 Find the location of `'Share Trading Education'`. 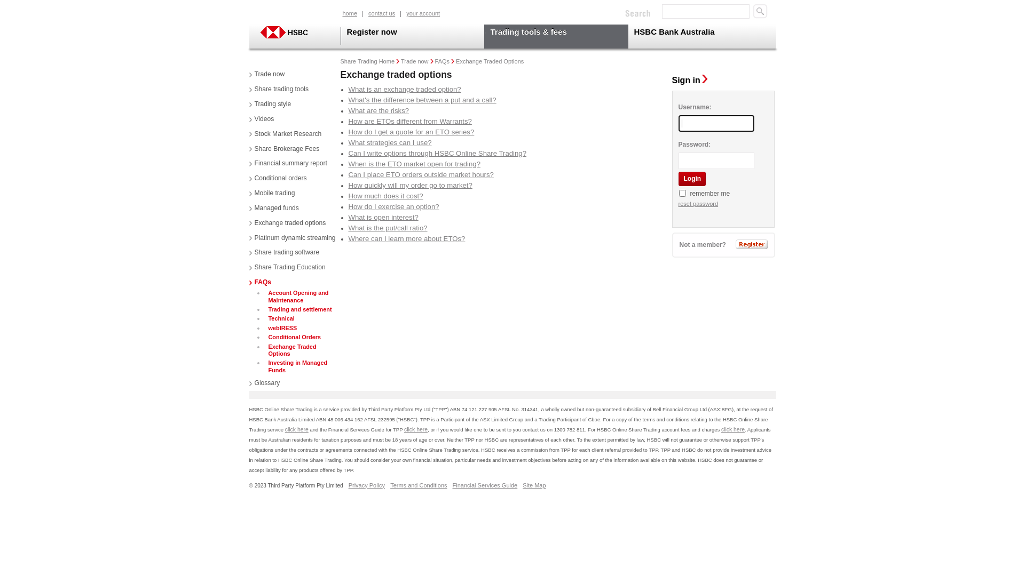

'Share Trading Education' is located at coordinates (287, 267).